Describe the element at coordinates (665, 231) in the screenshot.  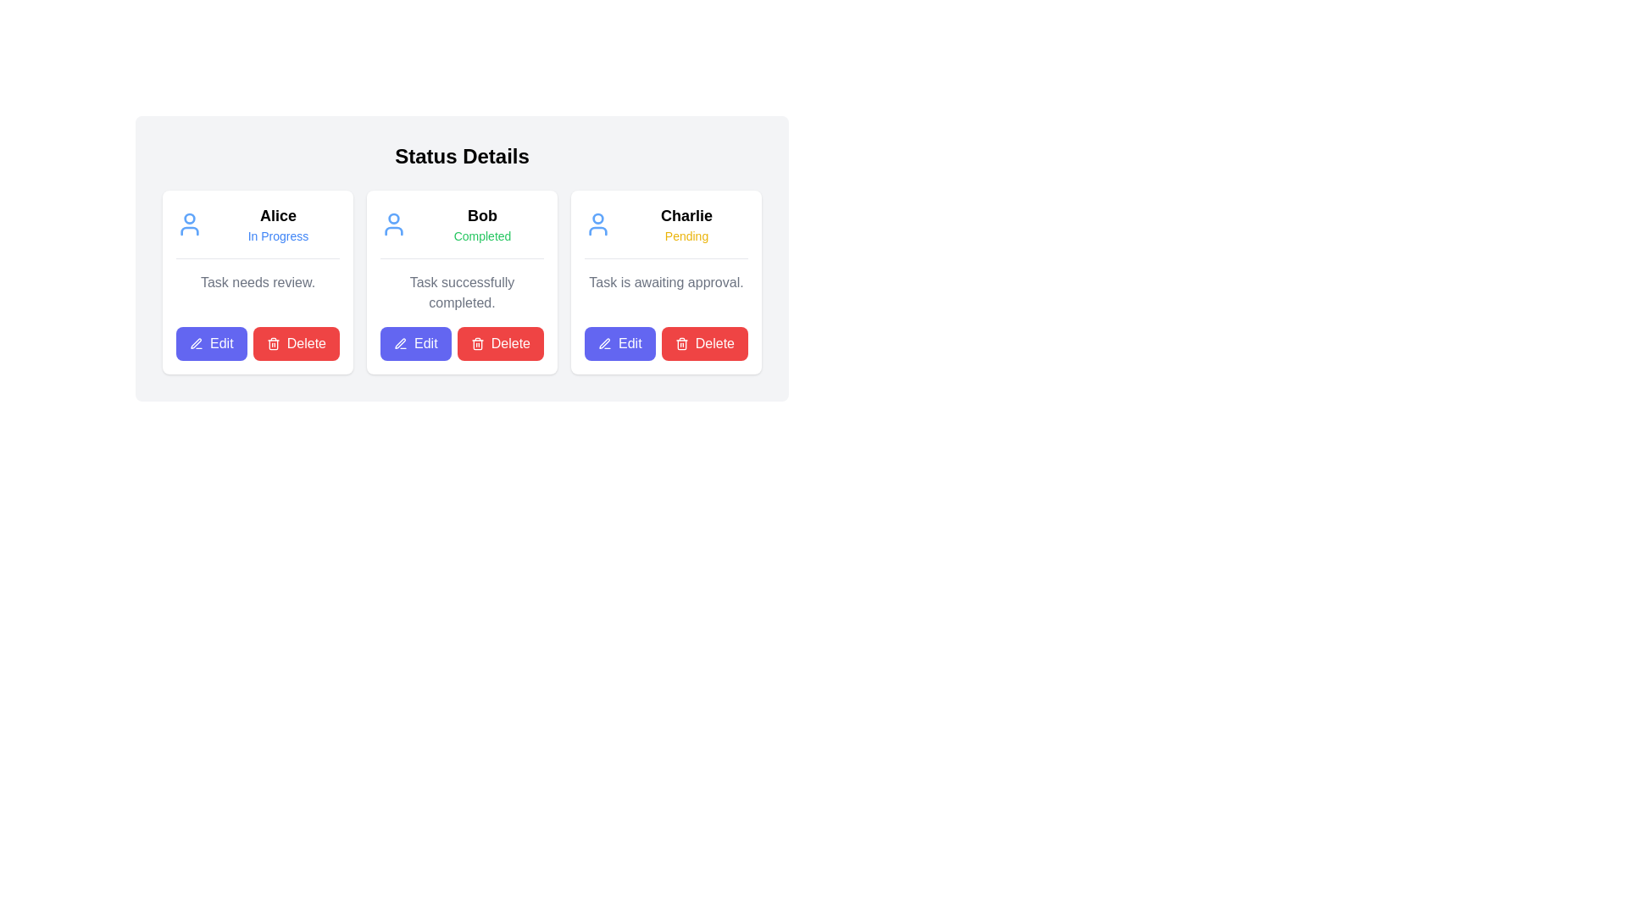
I see `the Information card displaying user status for 'Charlie', which is the third card in the 'Status Details' section` at that location.